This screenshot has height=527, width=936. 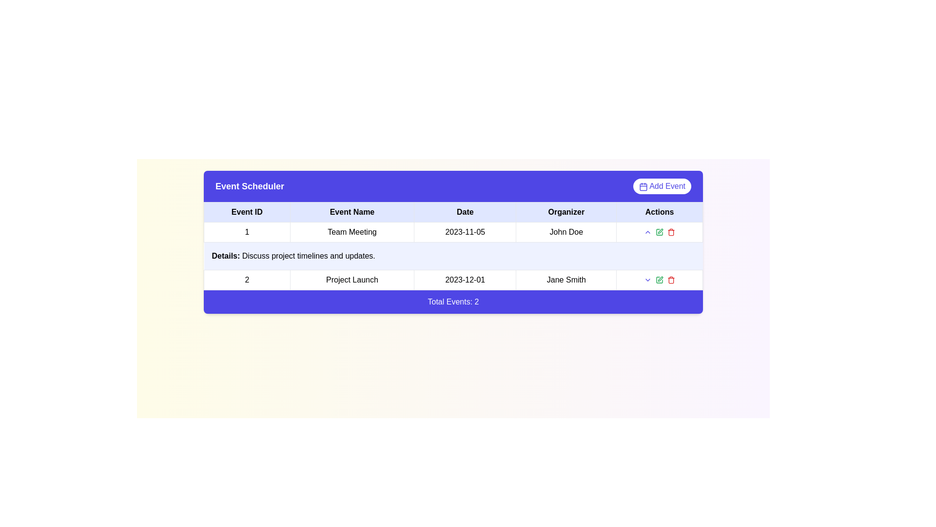 I want to click on the 'Add Event' button located on the far-right side of the purple header bar titled 'Event Scheduler', so click(x=662, y=186).